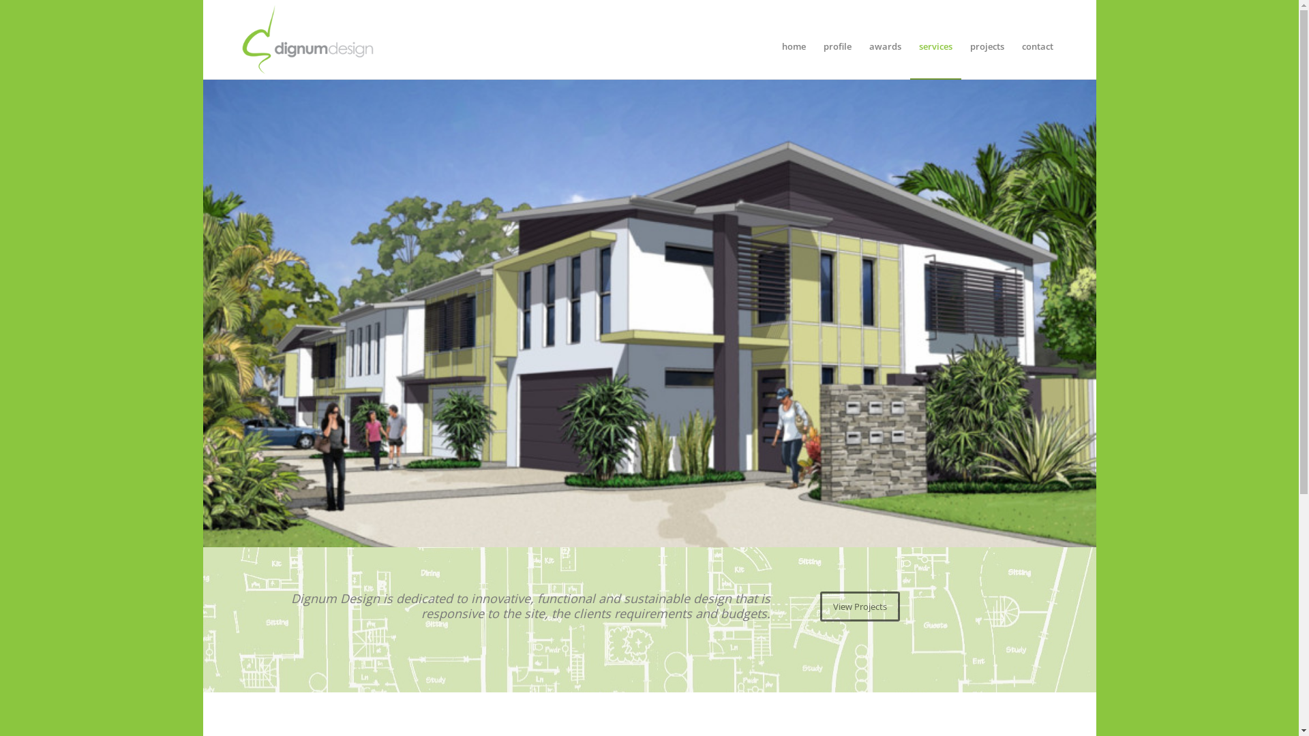  I want to click on 'services', so click(934, 38).